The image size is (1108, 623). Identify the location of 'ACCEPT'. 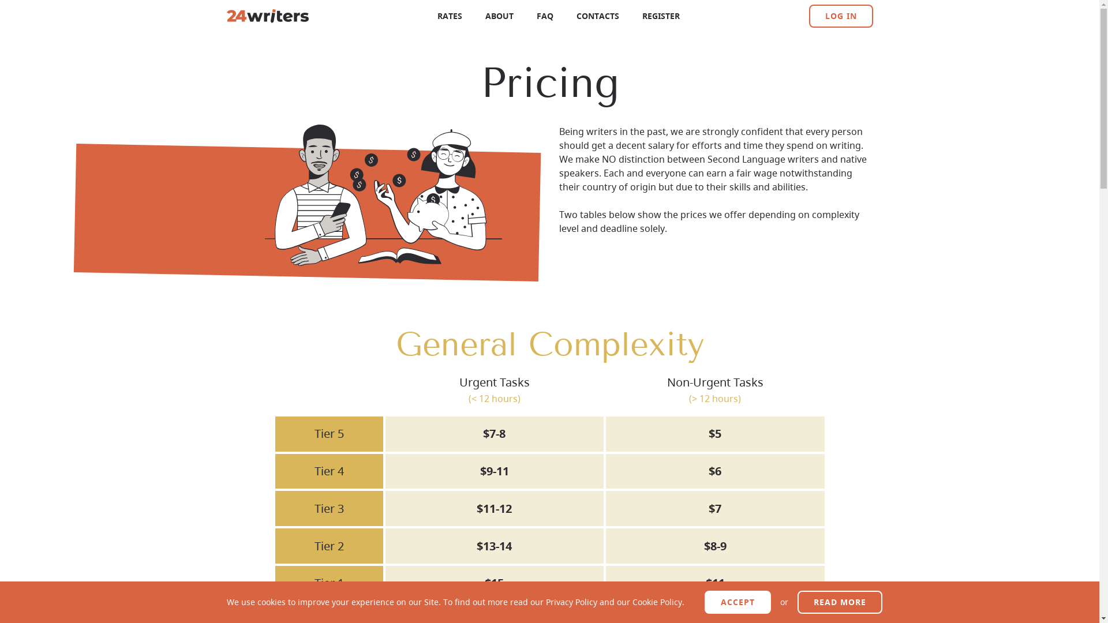
(736, 602).